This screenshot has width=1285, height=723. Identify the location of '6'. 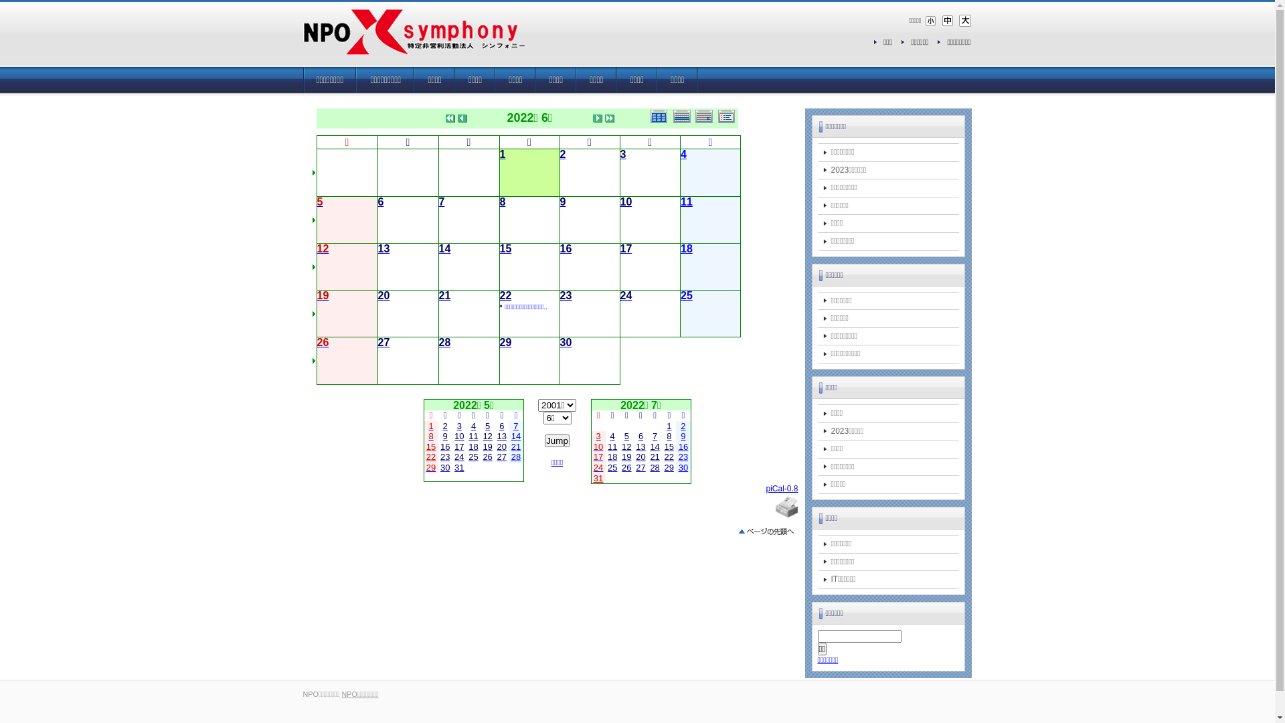
(501, 426).